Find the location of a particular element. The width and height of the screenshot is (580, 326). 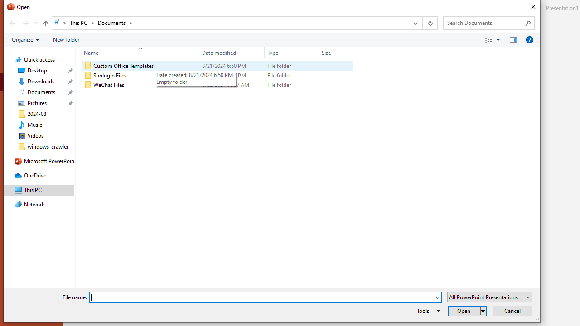

'Tools' is located at coordinates (426, 310).